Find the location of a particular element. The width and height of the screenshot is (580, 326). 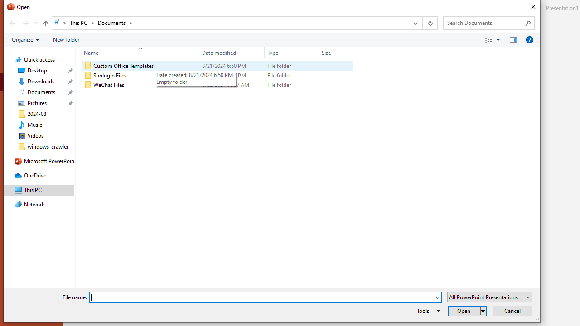

'Tools' is located at coordinates (426, 310).